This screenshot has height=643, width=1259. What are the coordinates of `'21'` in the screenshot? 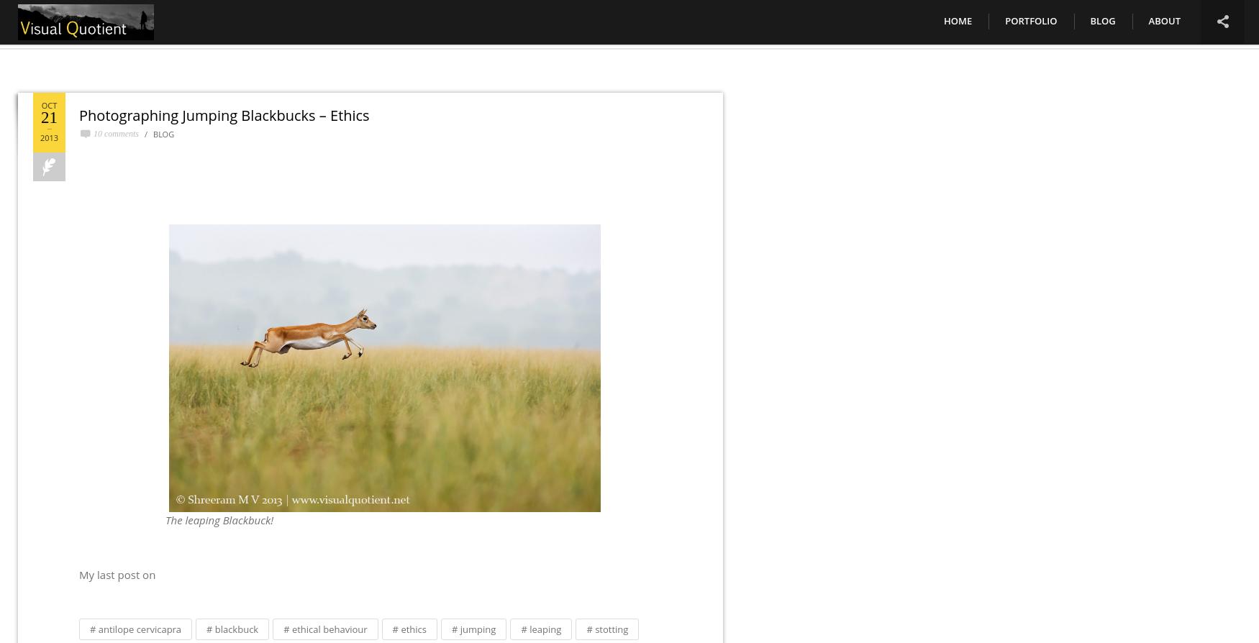 It's located at (49, 117).